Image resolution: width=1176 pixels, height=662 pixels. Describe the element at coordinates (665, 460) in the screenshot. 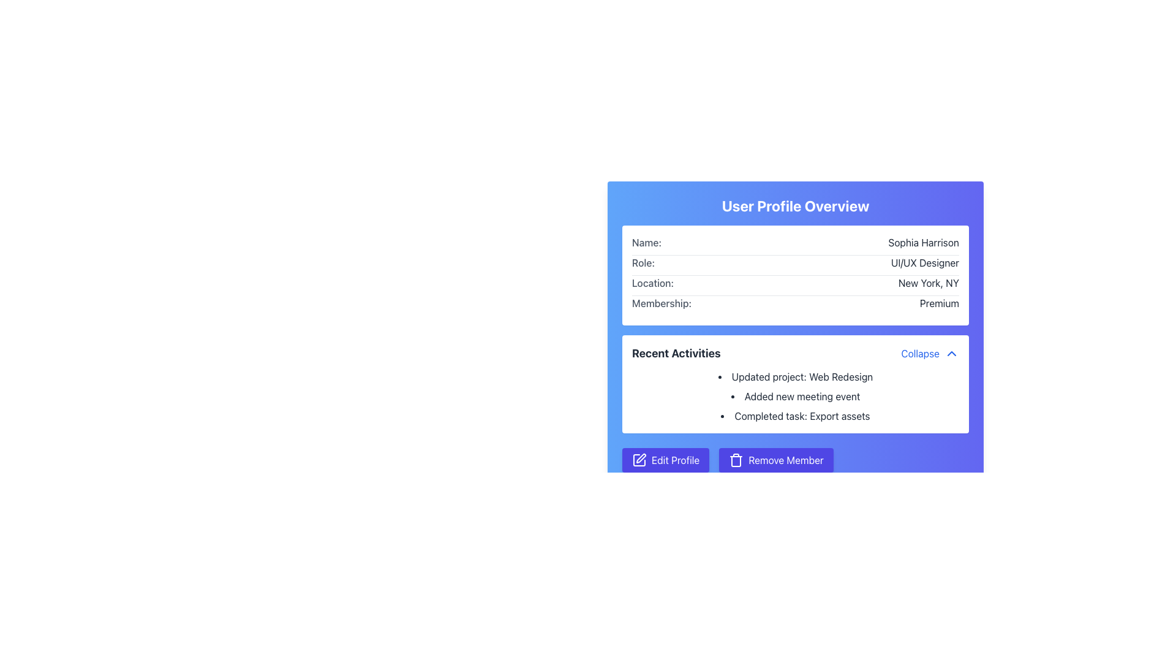

I see `the first button in the horizontal layout of the profile overview card` at that location.